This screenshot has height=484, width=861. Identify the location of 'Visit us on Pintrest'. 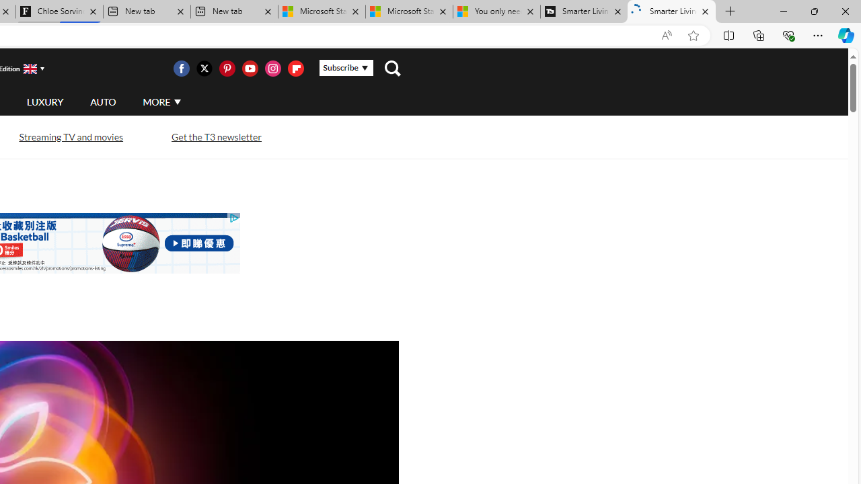
(227, 68).